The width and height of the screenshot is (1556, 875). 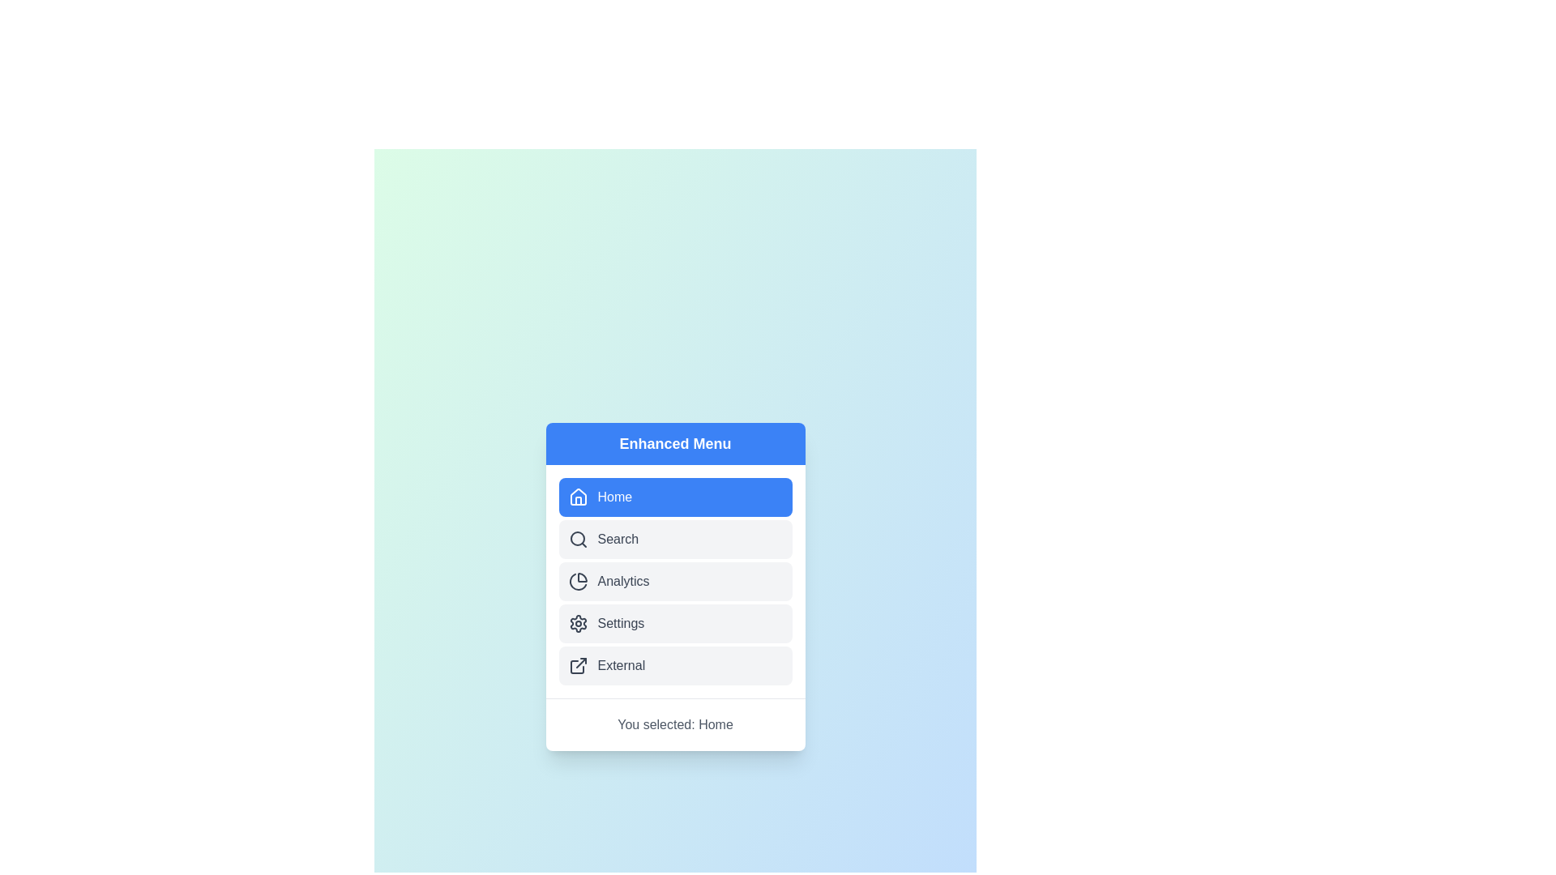 I want to click on the menu item Settings by clicking on its corresponding button, so click(x=675, y=622).